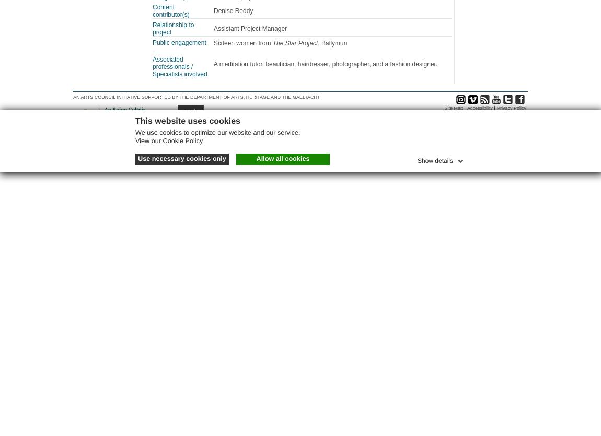 This screenshot has width=601, height=436. I want to click on 'Accessibility', so click(466, 108).